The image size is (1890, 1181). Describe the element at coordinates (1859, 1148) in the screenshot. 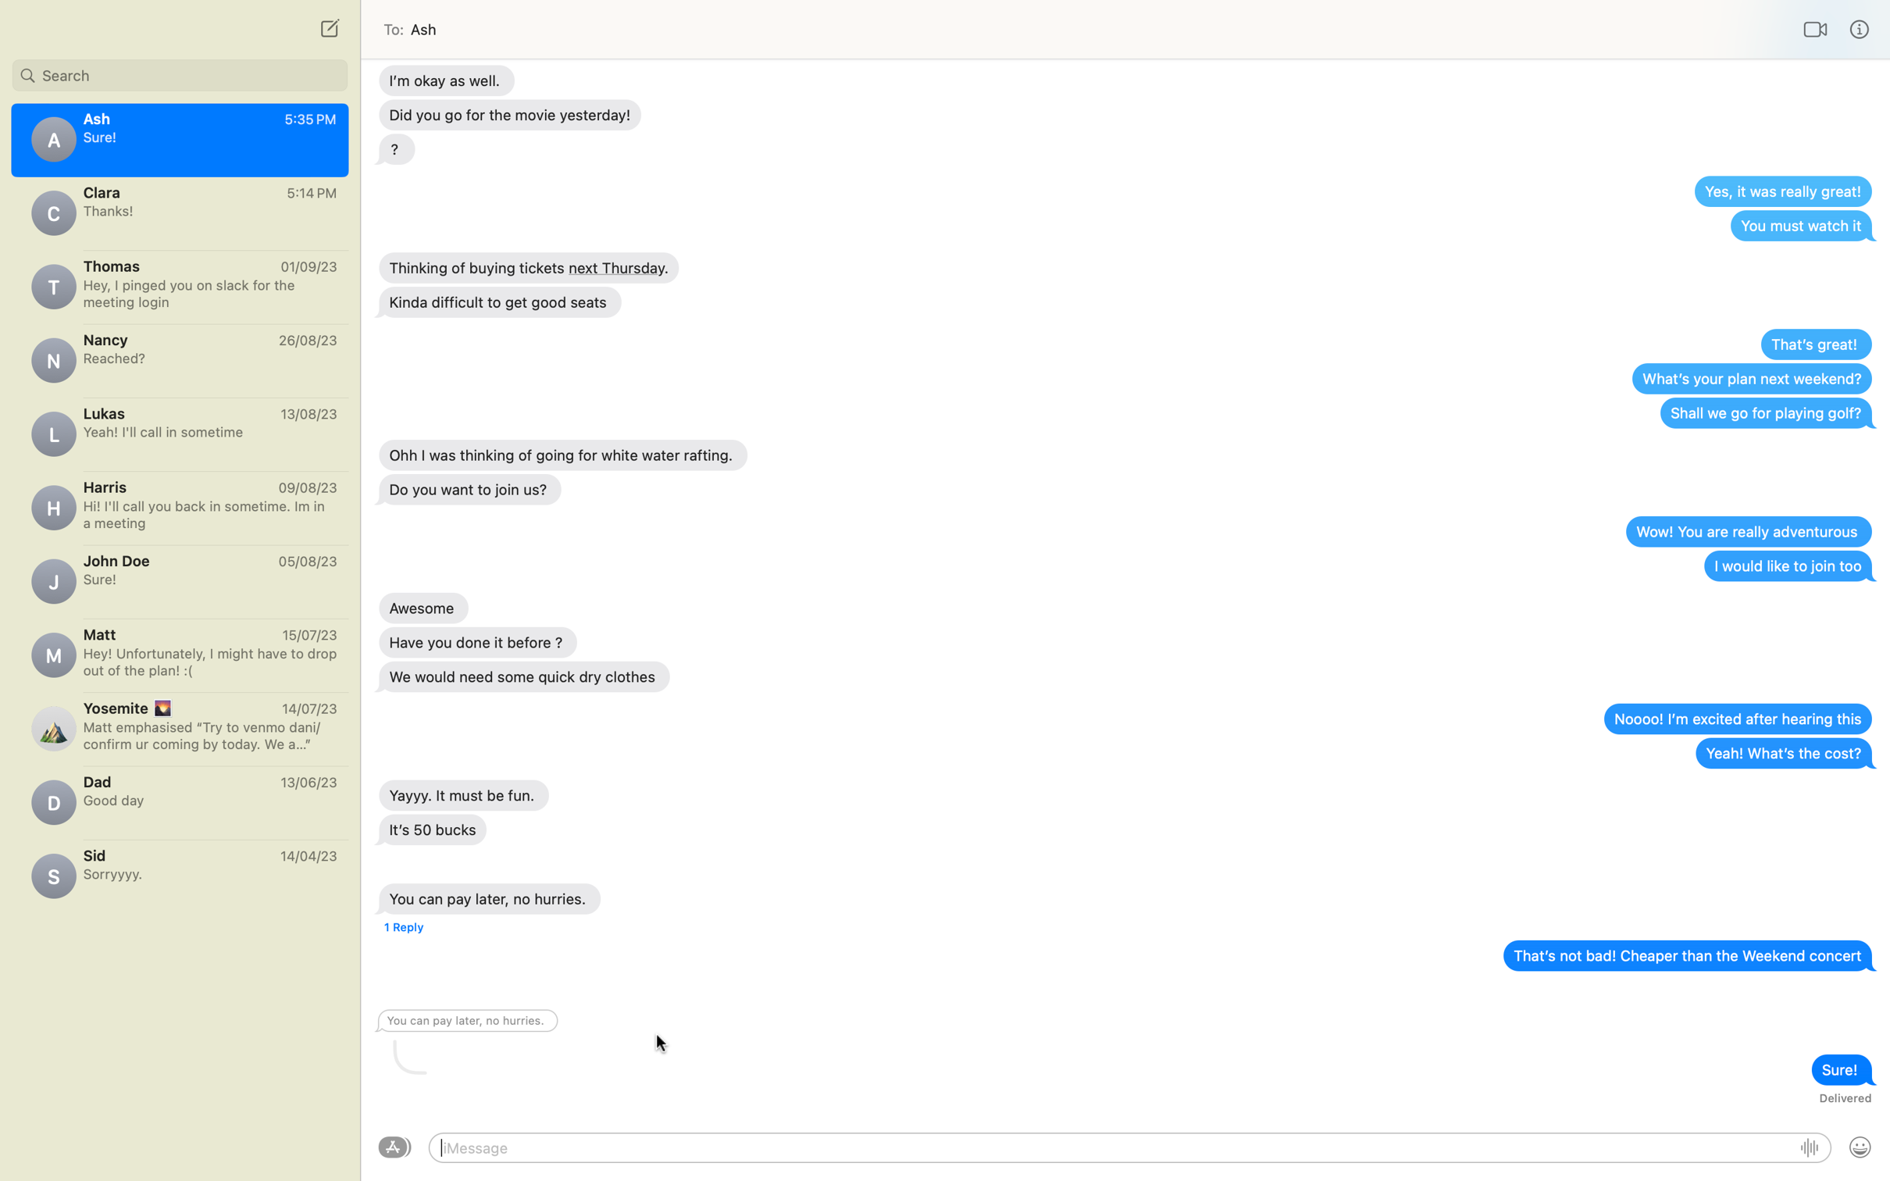

I see `the emoji option through clicking` at that location.